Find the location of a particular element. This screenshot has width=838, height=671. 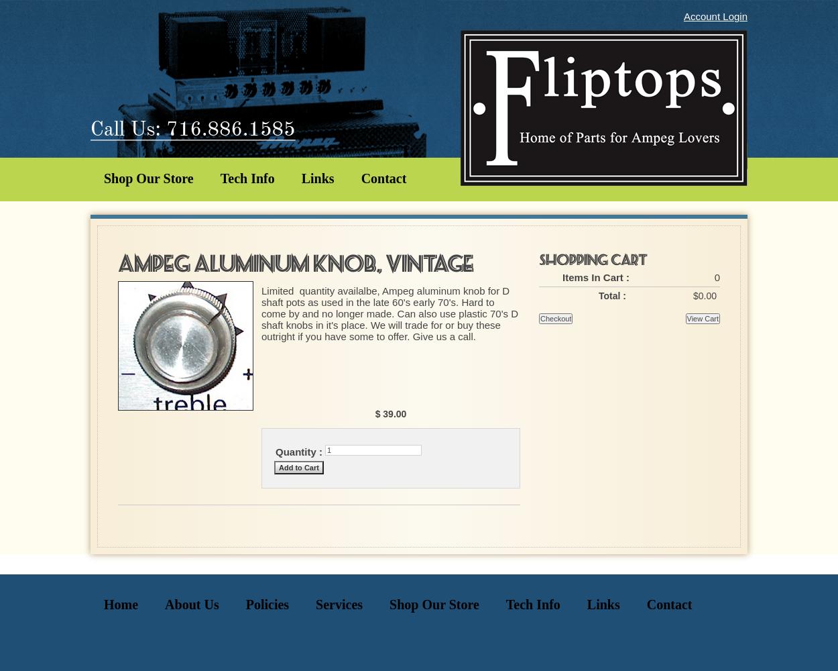

'Items In Cart :' is located at coordinates (595, 277).